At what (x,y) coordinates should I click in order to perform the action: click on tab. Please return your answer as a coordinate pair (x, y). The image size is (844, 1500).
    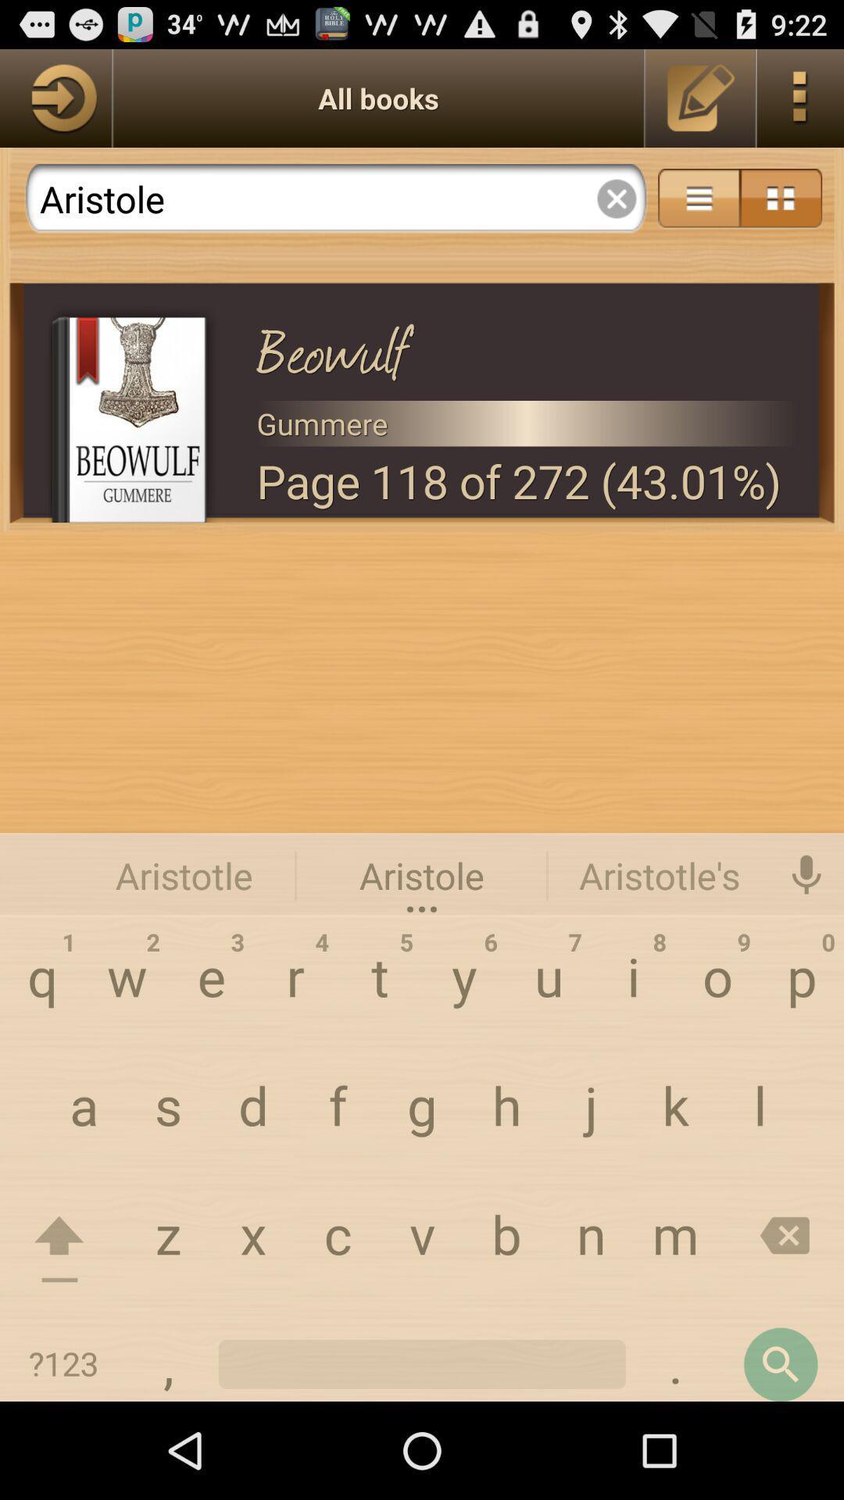
    Looking at the image, I should click on (616, 198).